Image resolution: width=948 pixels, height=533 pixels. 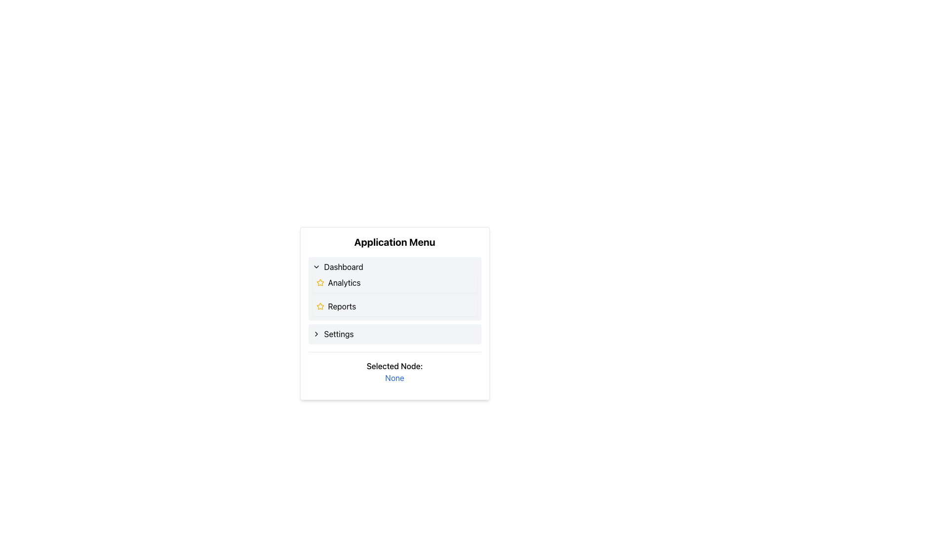 I want to click on the fourth text label in the vertical menu list, located directly below the 'Reports' entry, so click(x=339, y=334).